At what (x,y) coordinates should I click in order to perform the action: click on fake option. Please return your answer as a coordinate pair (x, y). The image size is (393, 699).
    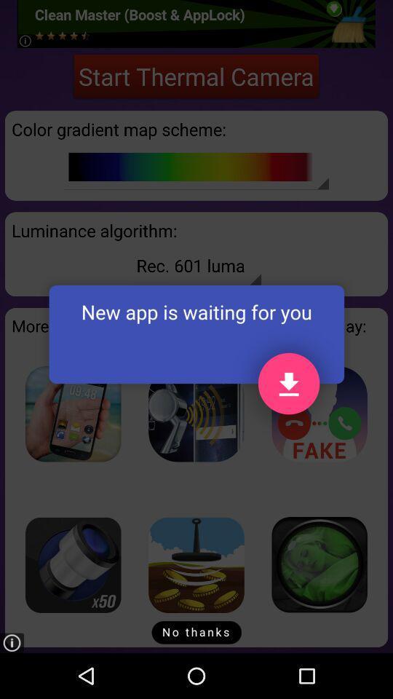
    Looking at the image, I should click on (319, 414).